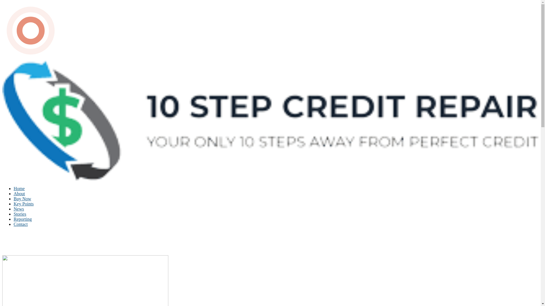 This screenshot has width=545, height=306. Describe the element at coordinates (23, 219) in the screenshot. I see `'Reporting'` at that location.